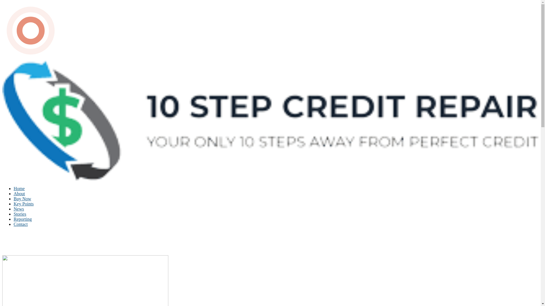 This screenshot has width=545, height=306. Describe the element at coordinates (23, 219) in the screenshot. I see `'Reporting'` at that location.